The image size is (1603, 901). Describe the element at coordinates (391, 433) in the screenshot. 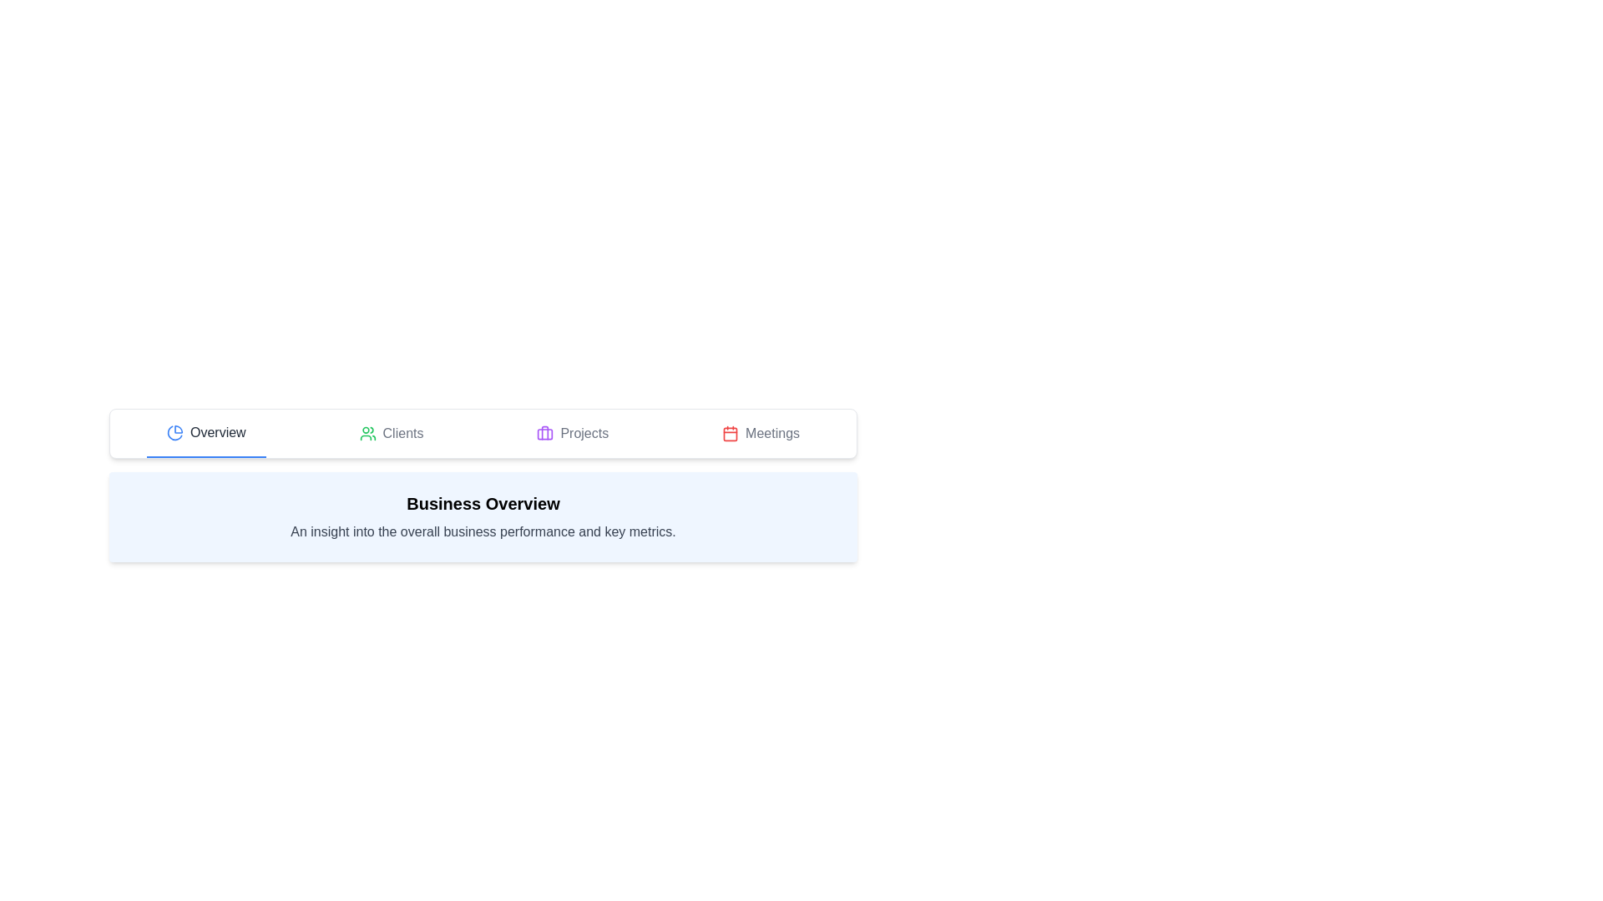

I see `the 'Clients' navigation tab button` at that location.